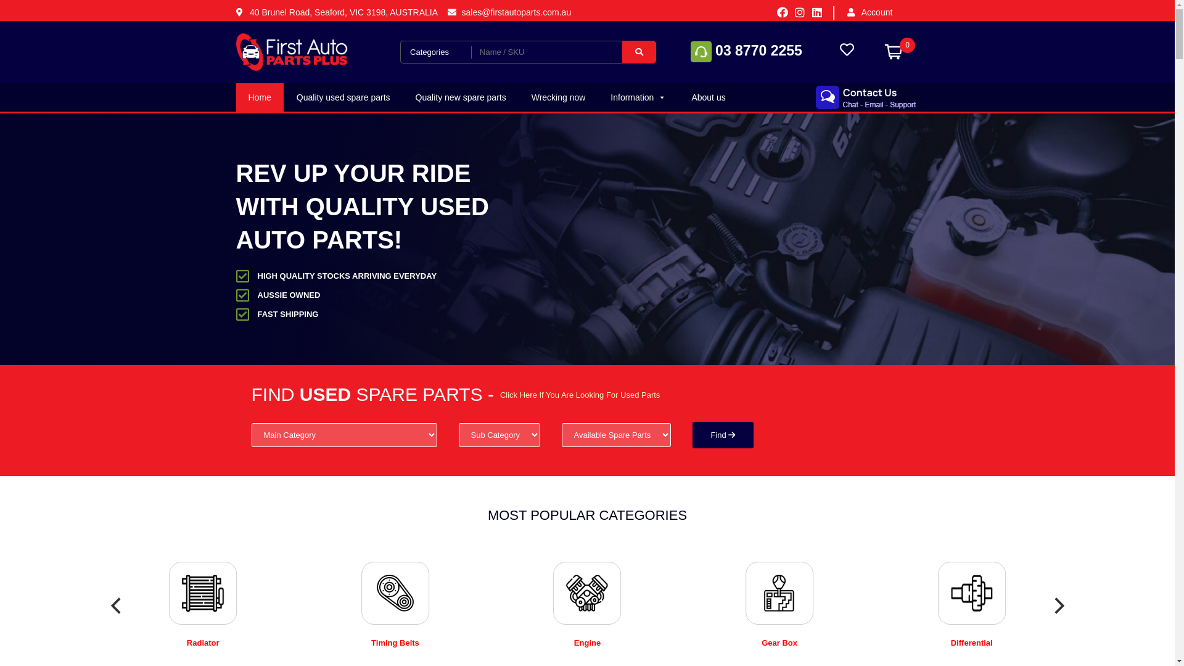  What do you see at coordinates (446, 12) in the screenshot?
I see `'sales@firstautoparts.com.au'` at bounding box center [446, 12].